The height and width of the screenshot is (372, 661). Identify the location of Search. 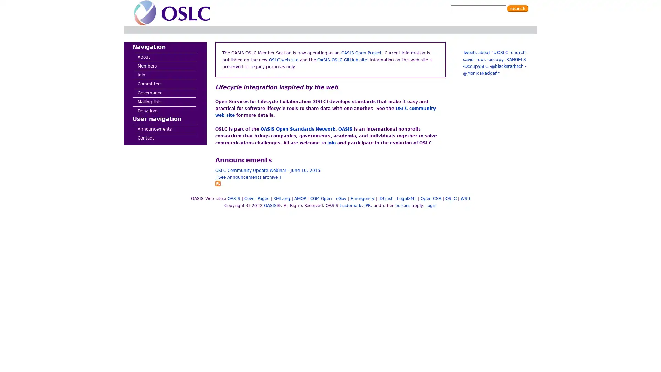
(518, 8).